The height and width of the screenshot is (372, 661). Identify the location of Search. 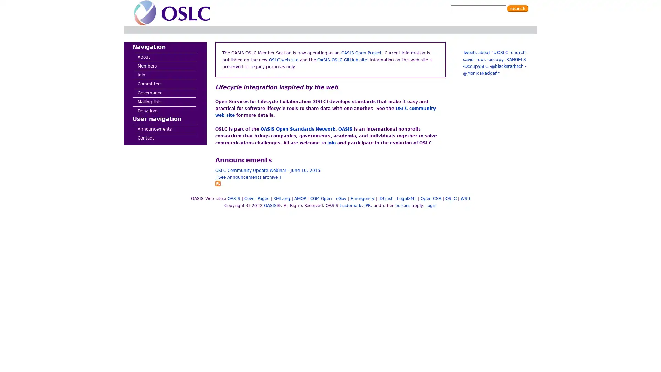
(518, 8).